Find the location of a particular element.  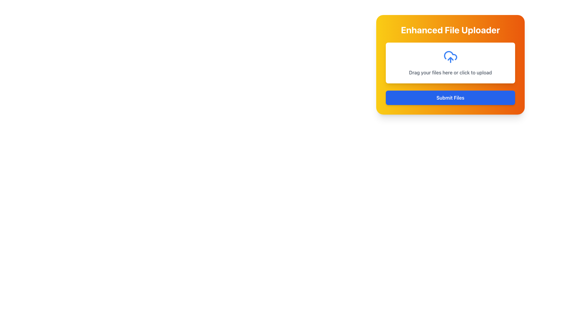

the upward-pointing arrow icon within the cloud upload visualization, indicating its upload functionality is located at coordinates (450, 59).